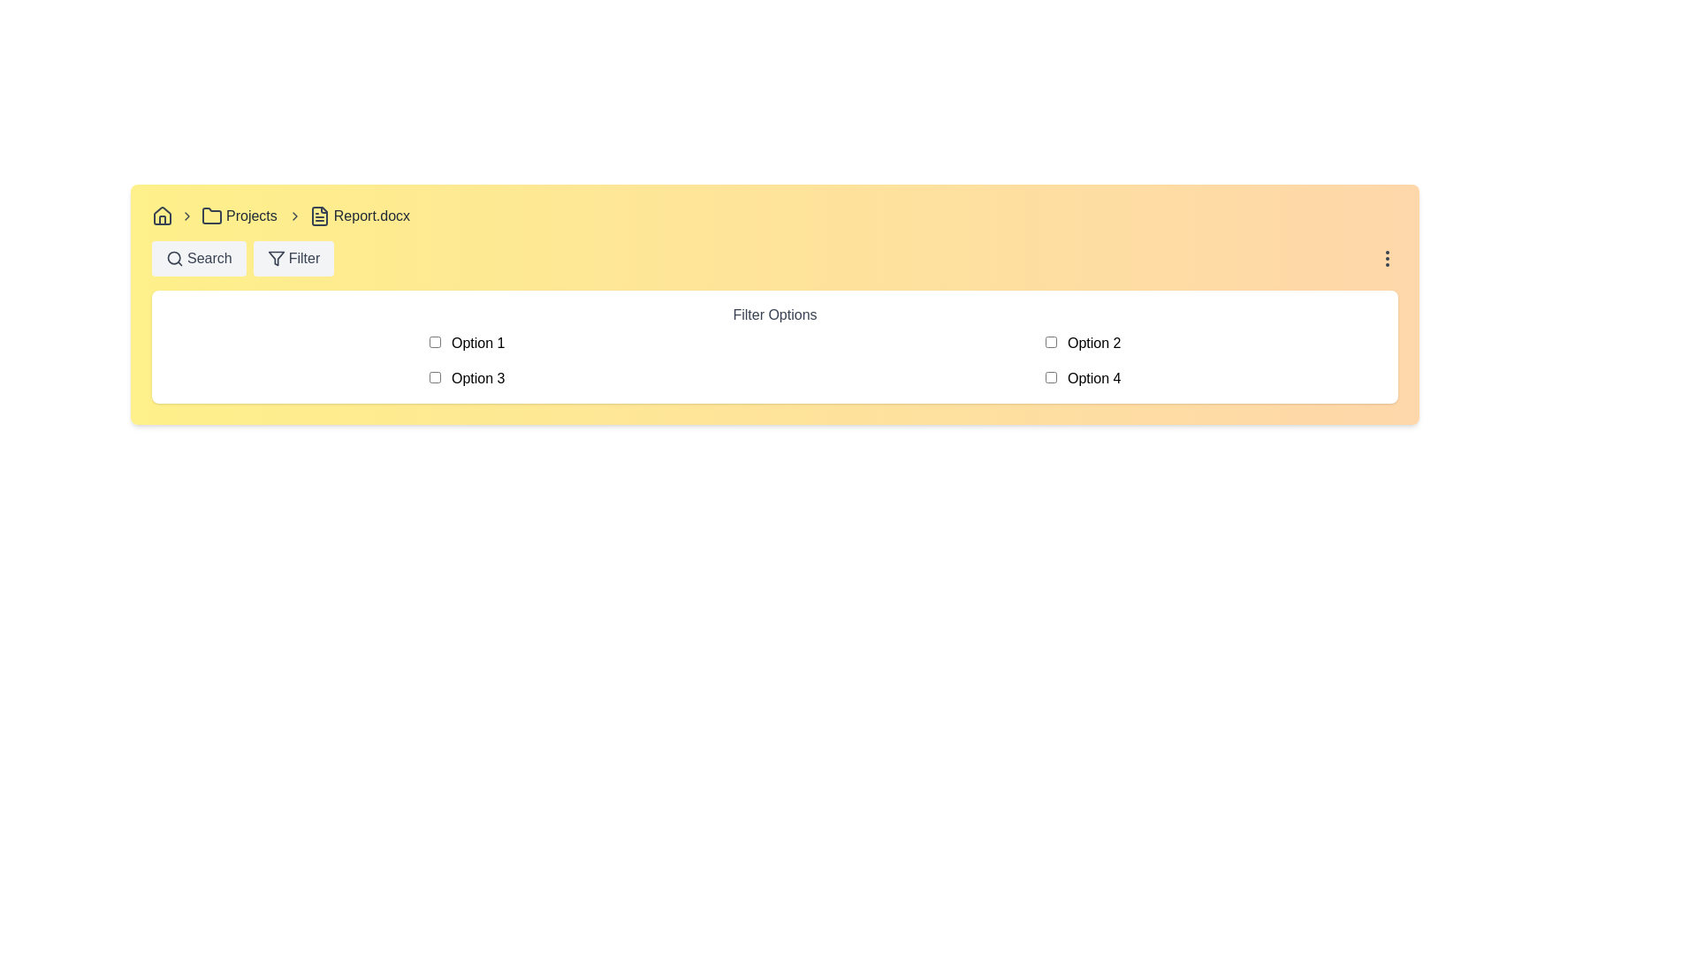 The height and width of the screenshot is (954, 1697). Describe the element at coordinates (162, 214) in the screenshot. I see `the 'Home' icon located in the breadcrumb navigation bar, which serves as a visual representation for navigating to the main page or root directory` at that location.